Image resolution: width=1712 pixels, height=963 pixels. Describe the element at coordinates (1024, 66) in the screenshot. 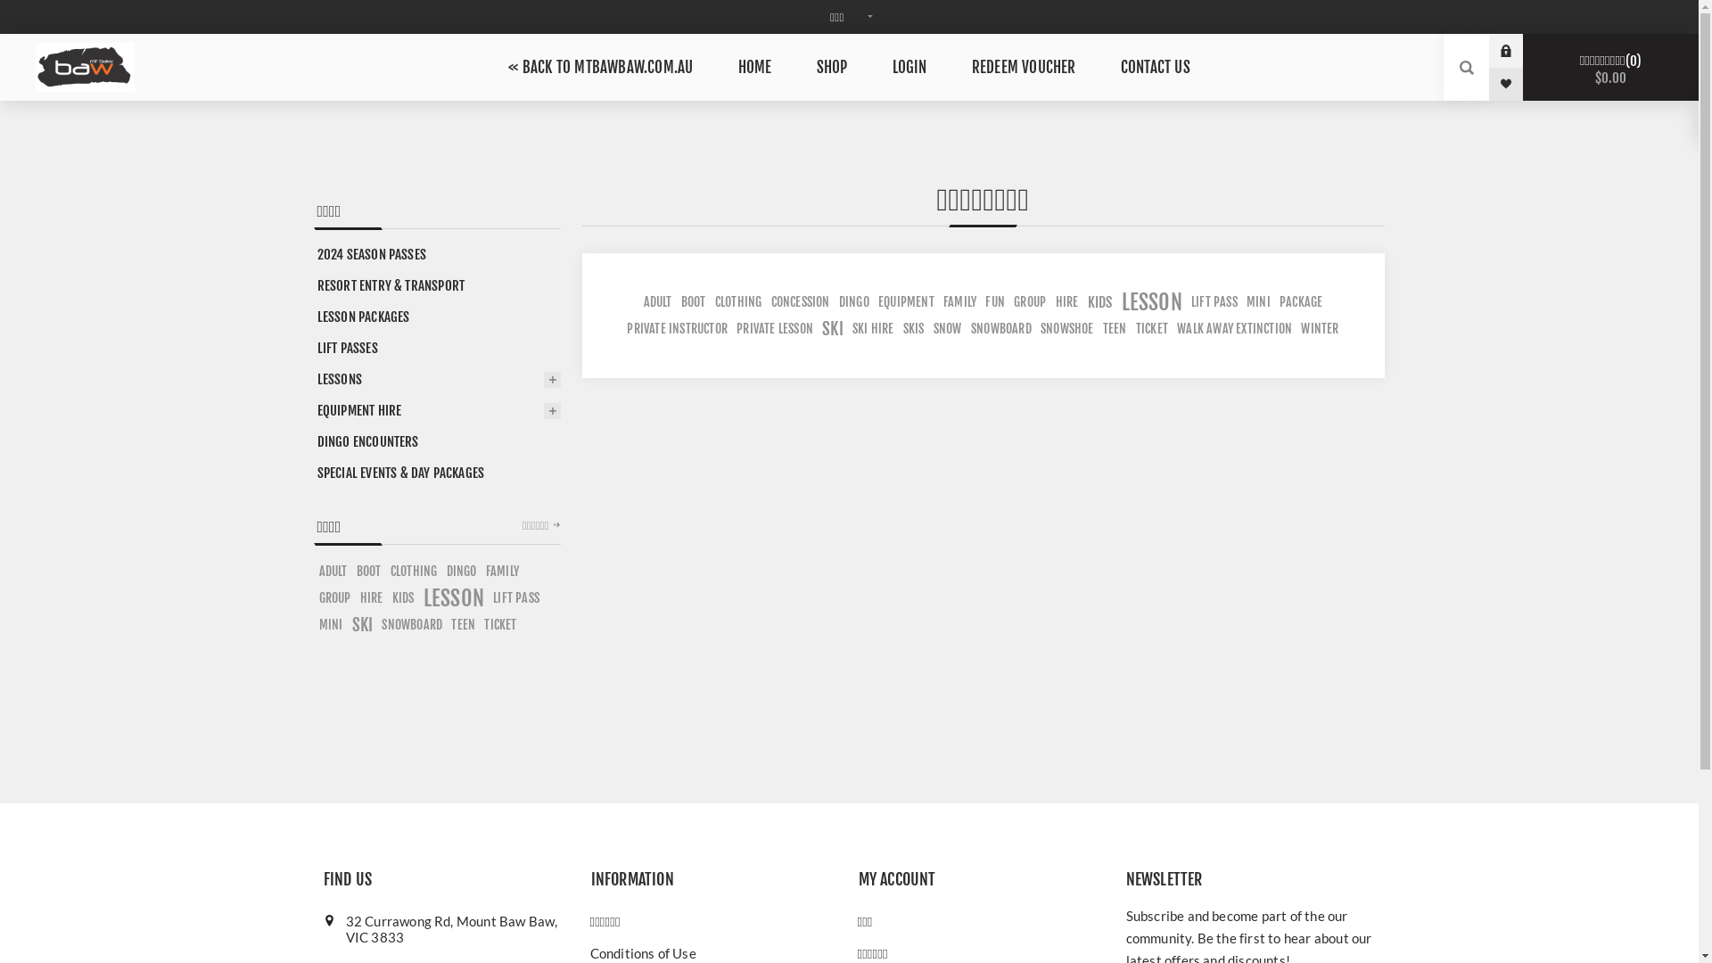

I see `'REDEEM VOUCHER'` at that location.